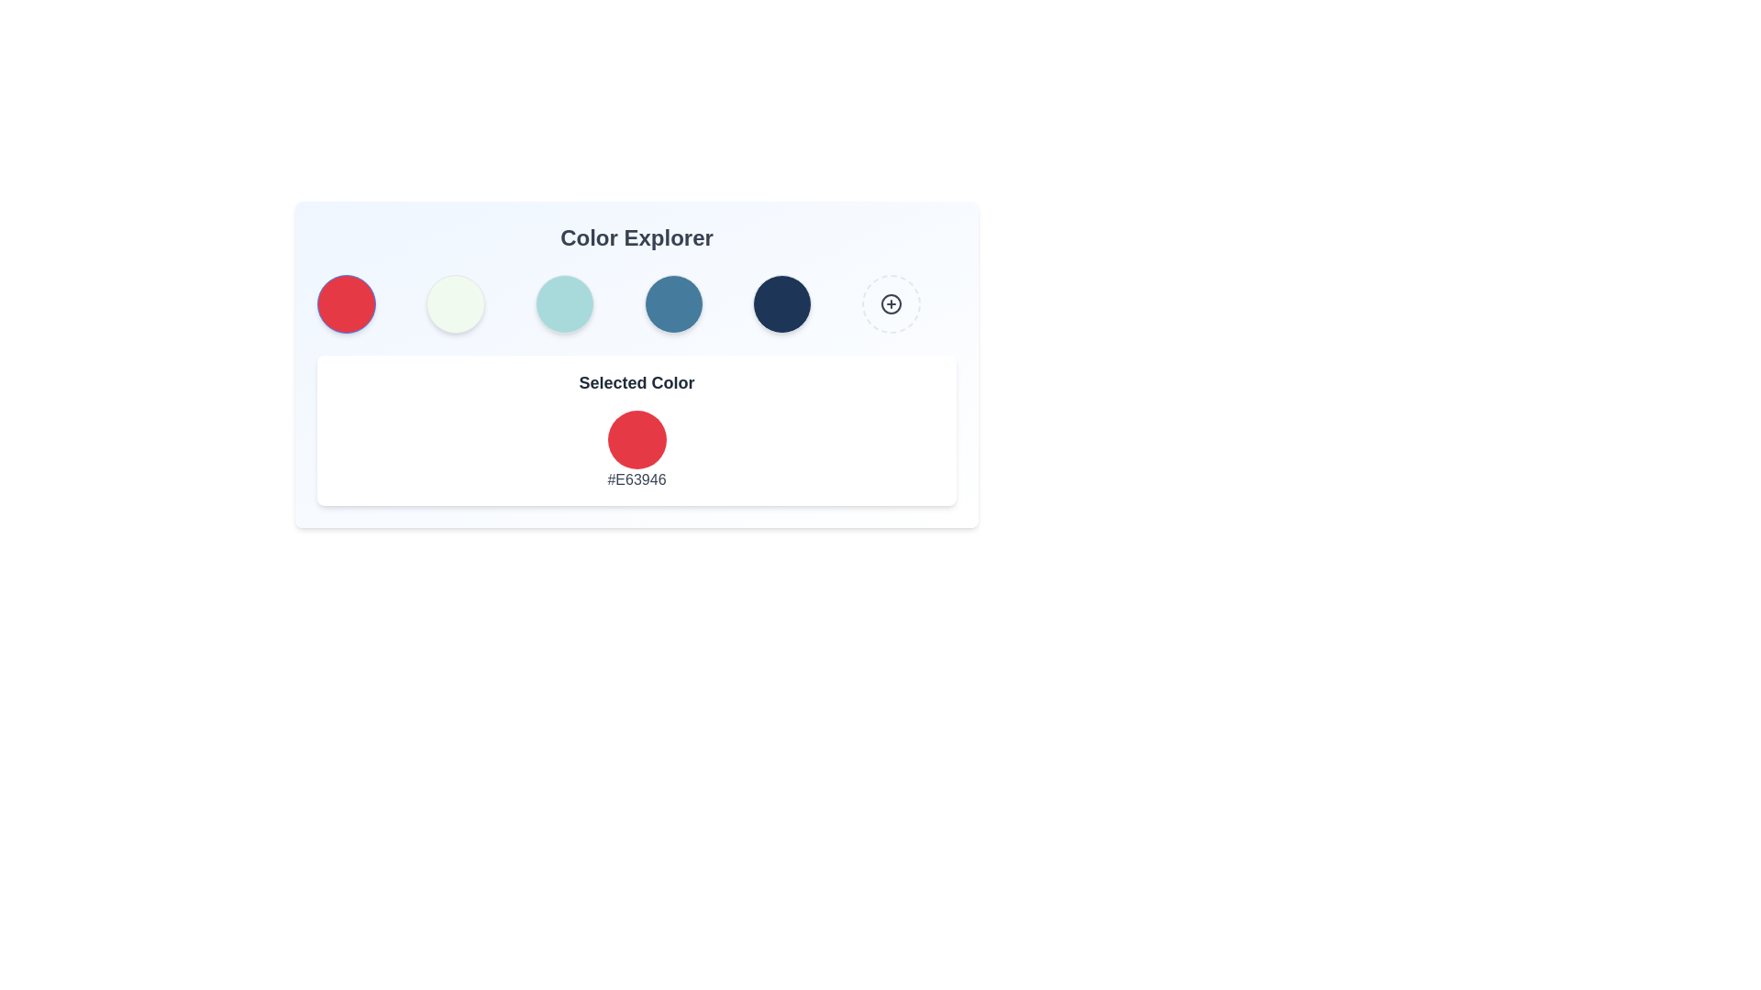 This screenshot has height=990, width=1761. I want to click on the soft green circular button located in the top center of the 'Color Explorer' dialog box, so click(455, 302).